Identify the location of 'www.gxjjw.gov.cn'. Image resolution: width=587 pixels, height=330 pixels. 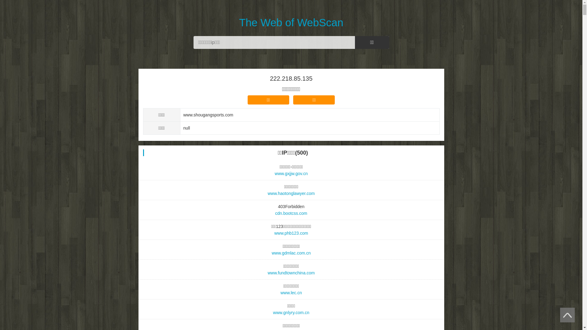
(291, 173).